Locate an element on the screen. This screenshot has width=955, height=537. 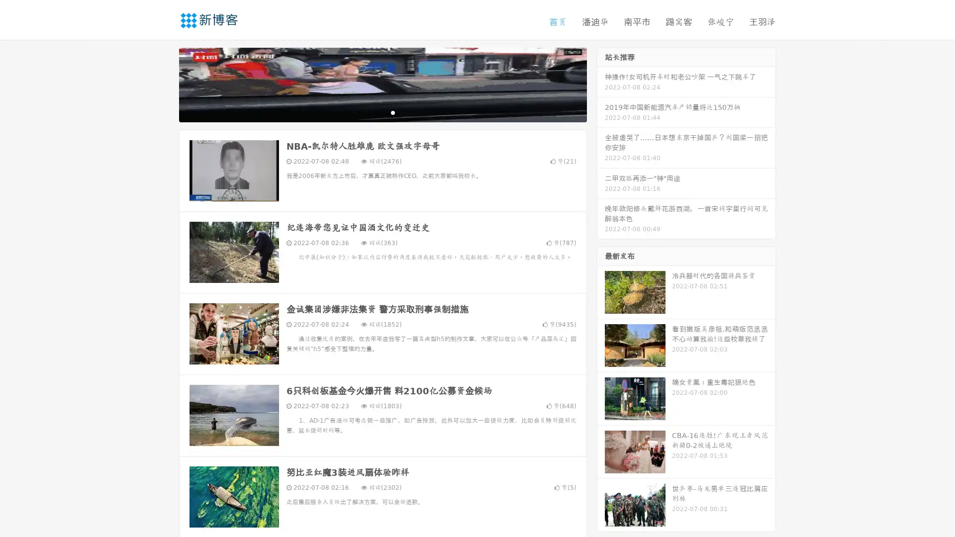
Go to slide 2 is located at coordinates (382, 112).